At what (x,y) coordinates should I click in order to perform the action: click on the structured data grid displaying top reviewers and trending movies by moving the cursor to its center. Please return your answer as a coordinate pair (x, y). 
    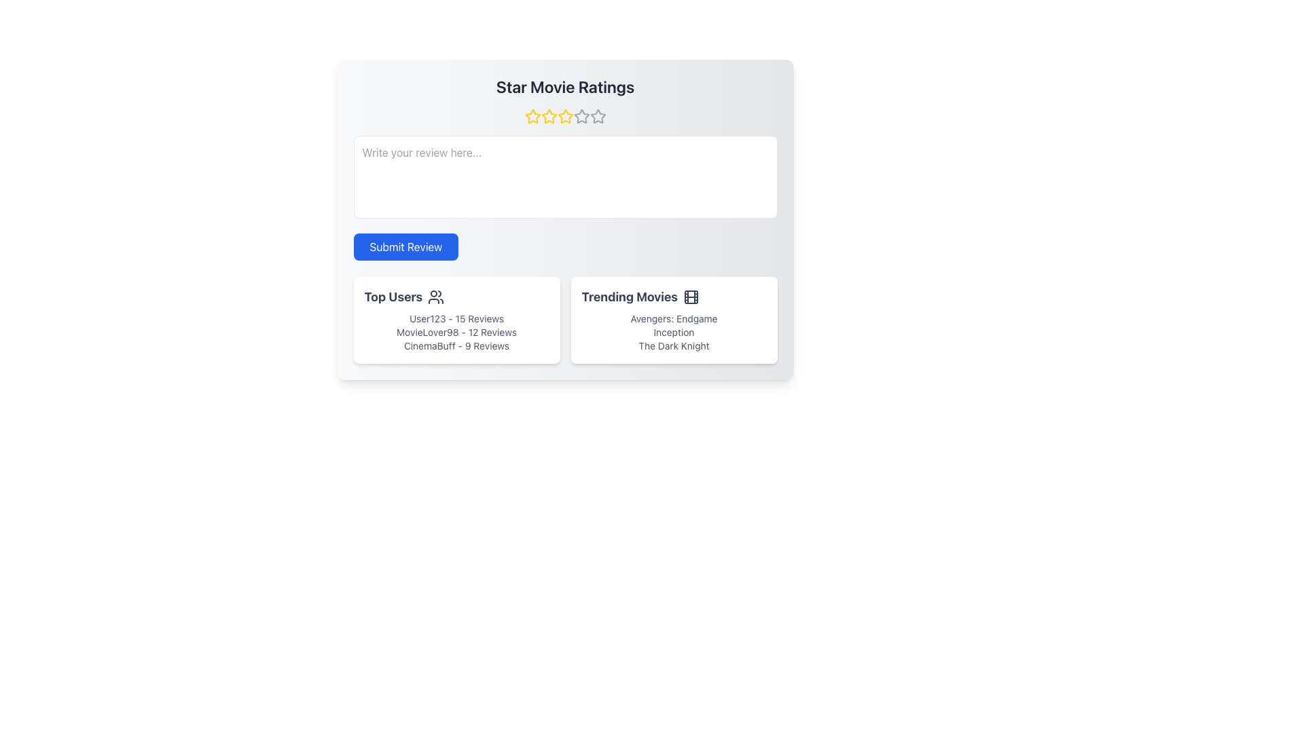
    Looking at the image, I should click on (565, 320).